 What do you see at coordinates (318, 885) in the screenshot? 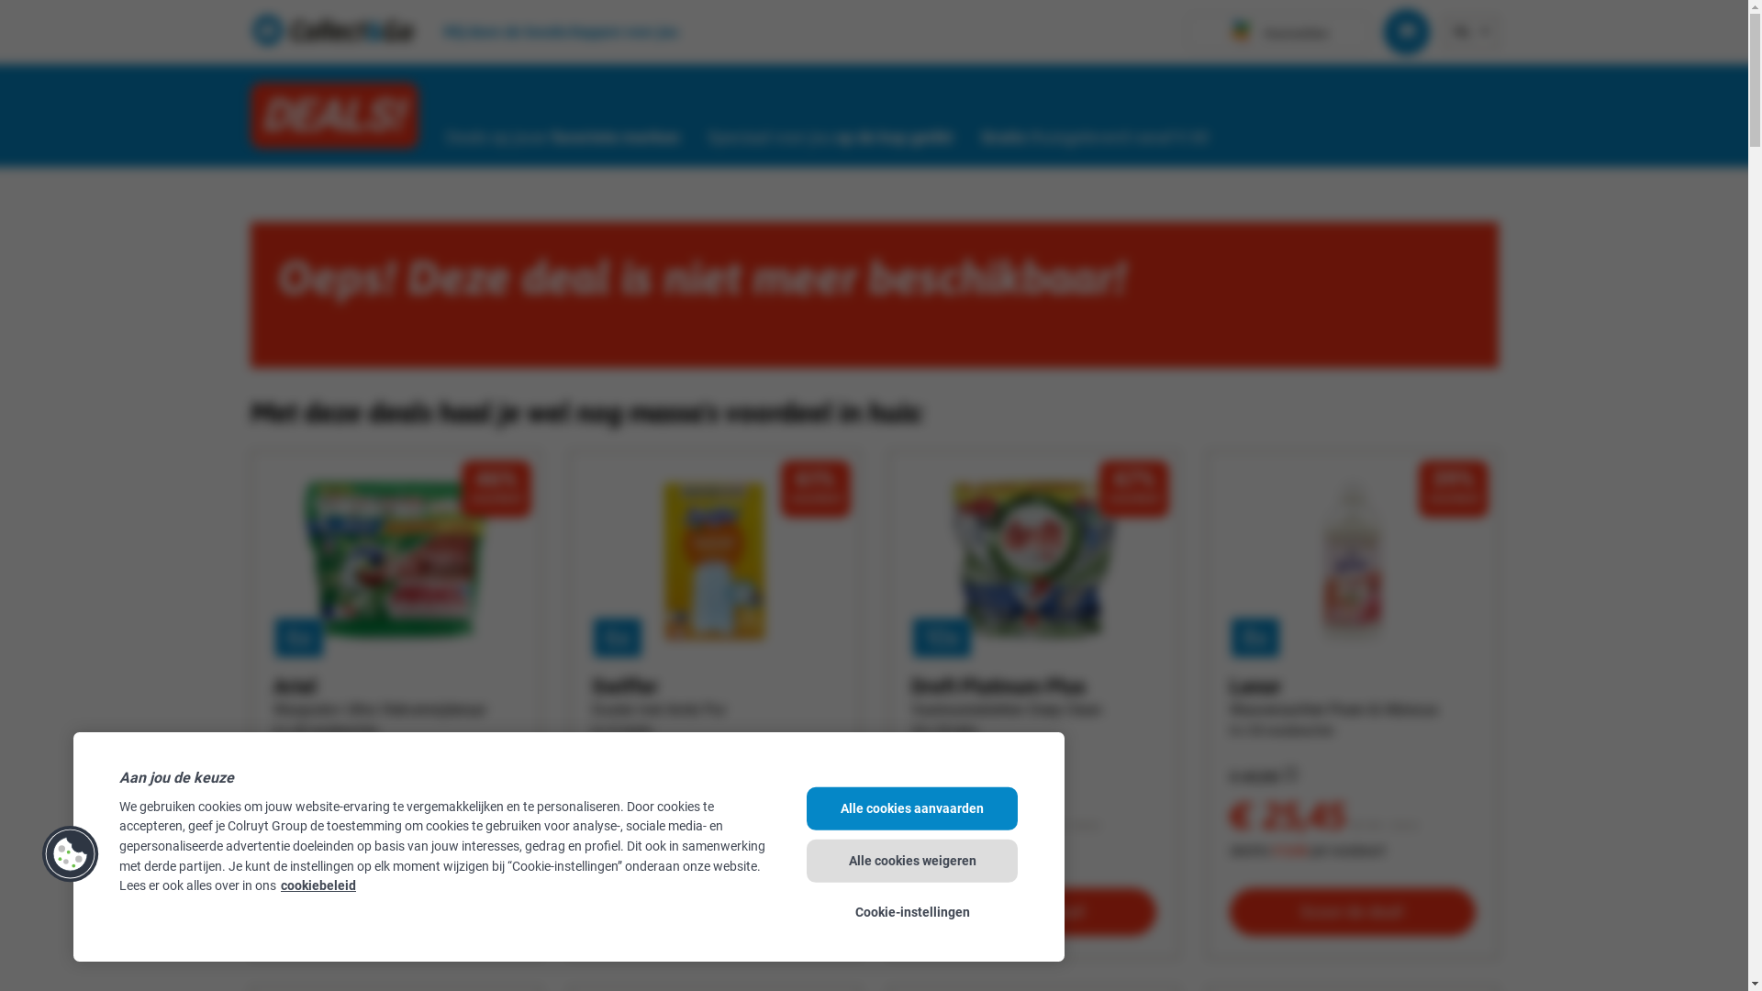
I see `'cookiebeleid'` at bounding box center [318, 885].